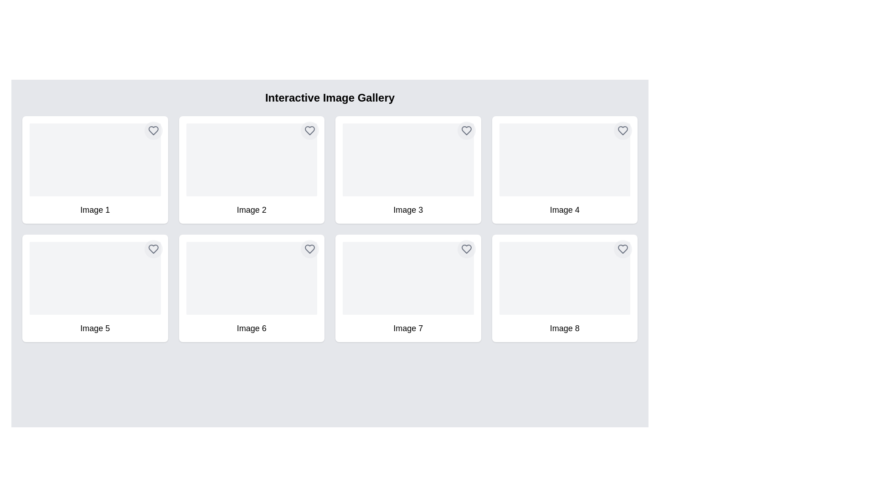  I want to click on the text label displaying 'Image 4', which is centered at the bottom of the image card associated with the fourth item in a grid layout, so click(564, 210).